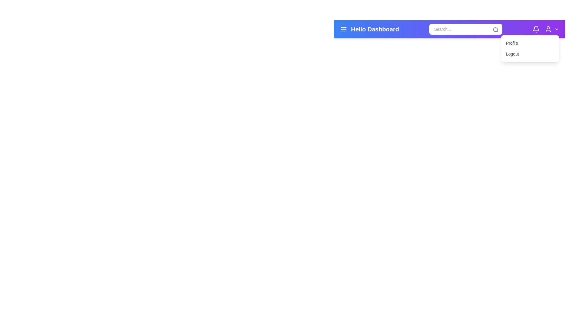  Describe the element at coordinates (495, 30) in the screenshot. I see `the magnifying glass icon, which is a gray-stroked SVG element located at the top-right corner of the search input box in the top bar` at that location.